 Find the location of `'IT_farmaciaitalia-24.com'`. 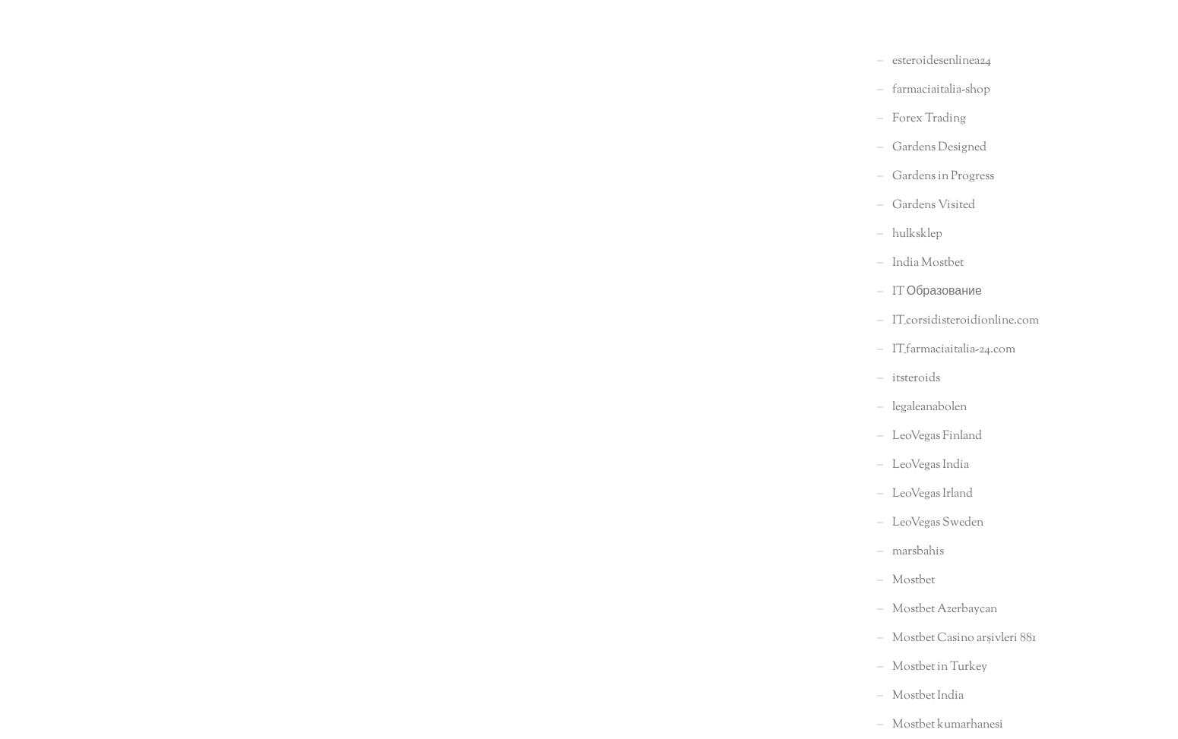

'IT_farmaciaitalia-24.com' is located at coordinates (952, 349).